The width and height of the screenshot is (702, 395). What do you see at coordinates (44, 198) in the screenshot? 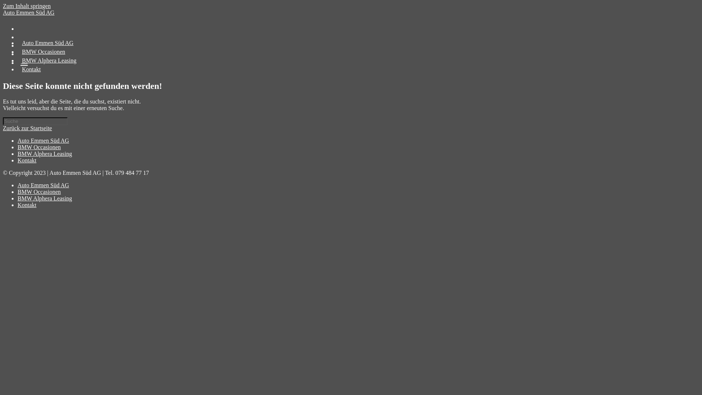
I see `'BMW Alphera Leasing'` at bounding box center [44, 198].